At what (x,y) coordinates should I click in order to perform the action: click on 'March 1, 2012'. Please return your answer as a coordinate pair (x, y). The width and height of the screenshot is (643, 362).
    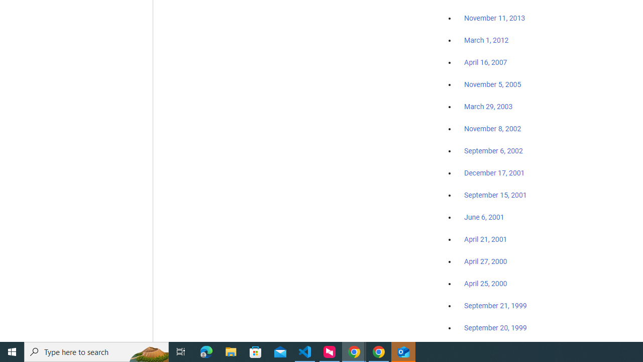
    Looking at the image, I should click on (486, 40).